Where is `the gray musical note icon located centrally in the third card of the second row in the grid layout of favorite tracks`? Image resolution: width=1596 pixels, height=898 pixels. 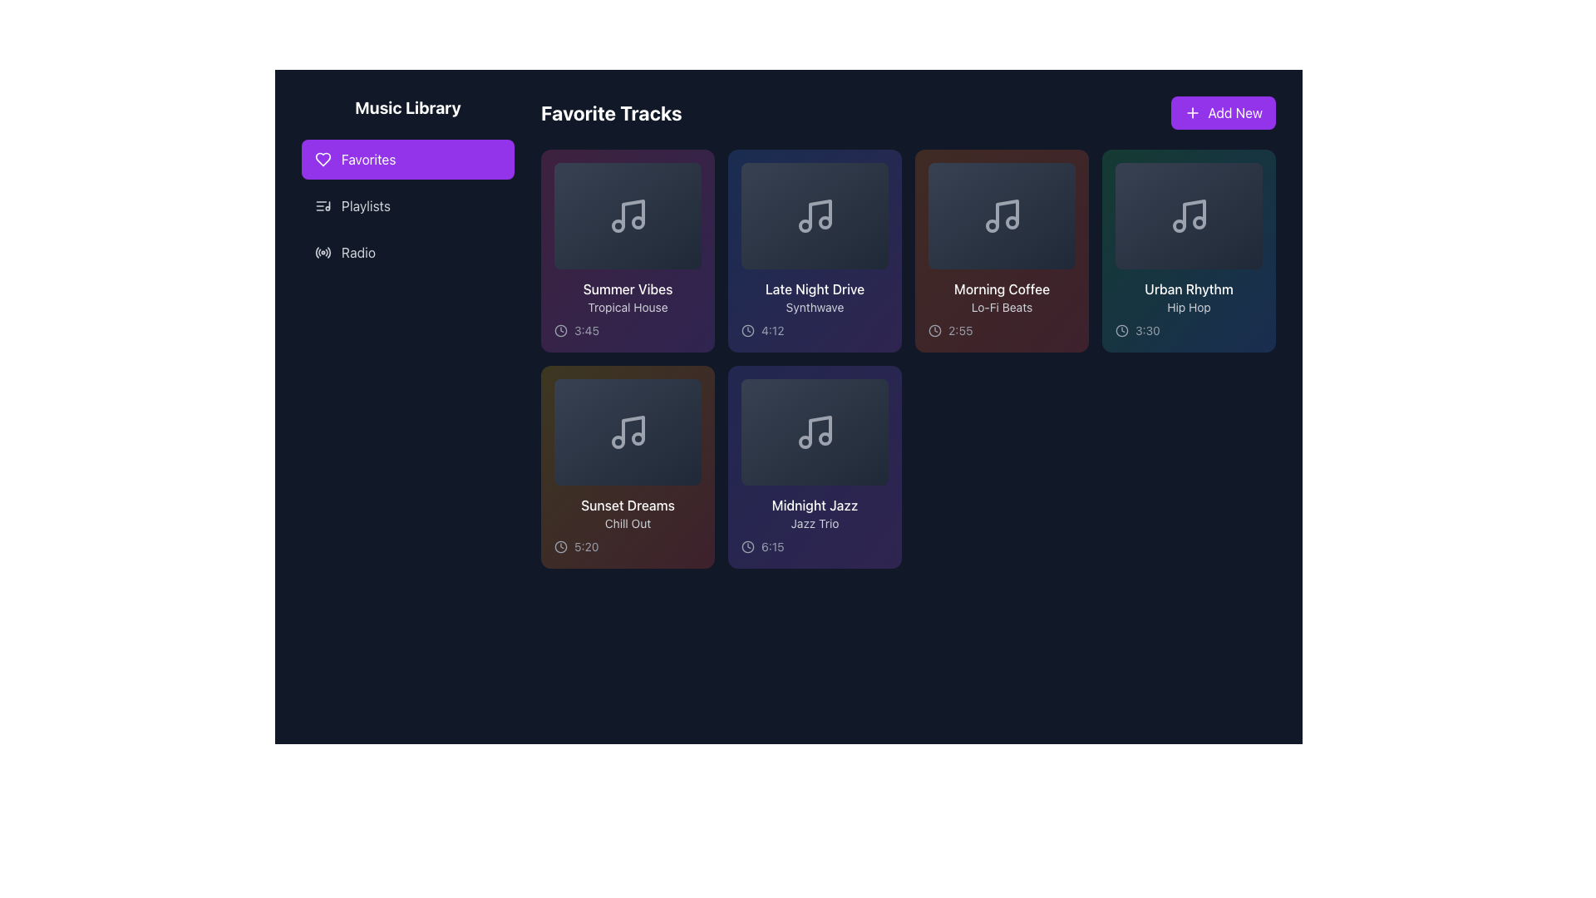
the gray musical note icon located centrally in the third card of the second row in the grid layout of favorite tracks is located at coordinates (815, 432).